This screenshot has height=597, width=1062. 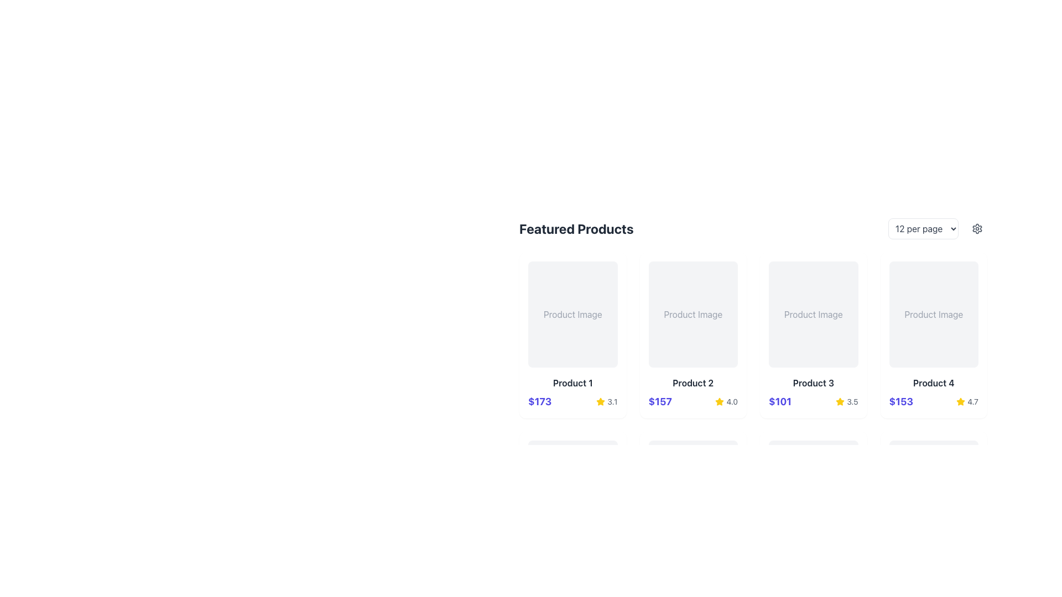 What do you see at coordinates (720, 401) in the screenshot?
I see `the star icon representing the rating for 'Product 2', which indicates an average rating of 4.0` at bounding box center [720, 401].